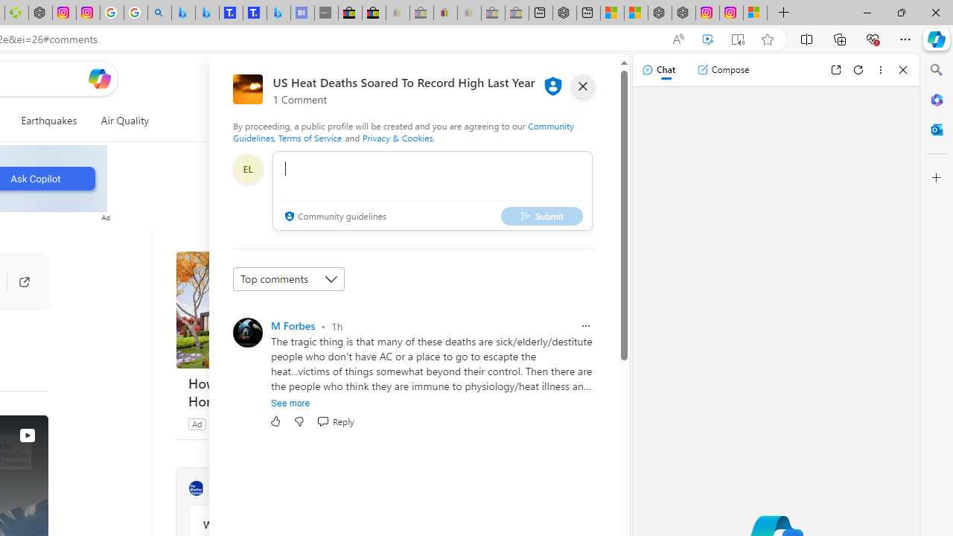  What do you see at coordinates (309, 138) in the screenshot?
I see `'Terms of Service'` at bounding box center [309, 138].